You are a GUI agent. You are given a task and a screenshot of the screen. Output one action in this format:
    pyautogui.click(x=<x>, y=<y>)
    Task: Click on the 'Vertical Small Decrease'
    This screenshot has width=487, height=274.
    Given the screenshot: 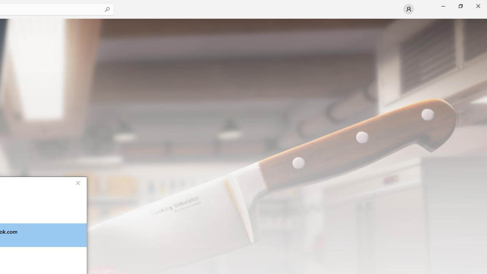 What is the action you would take?
    pyautogui.click(x=484, y=21)
    